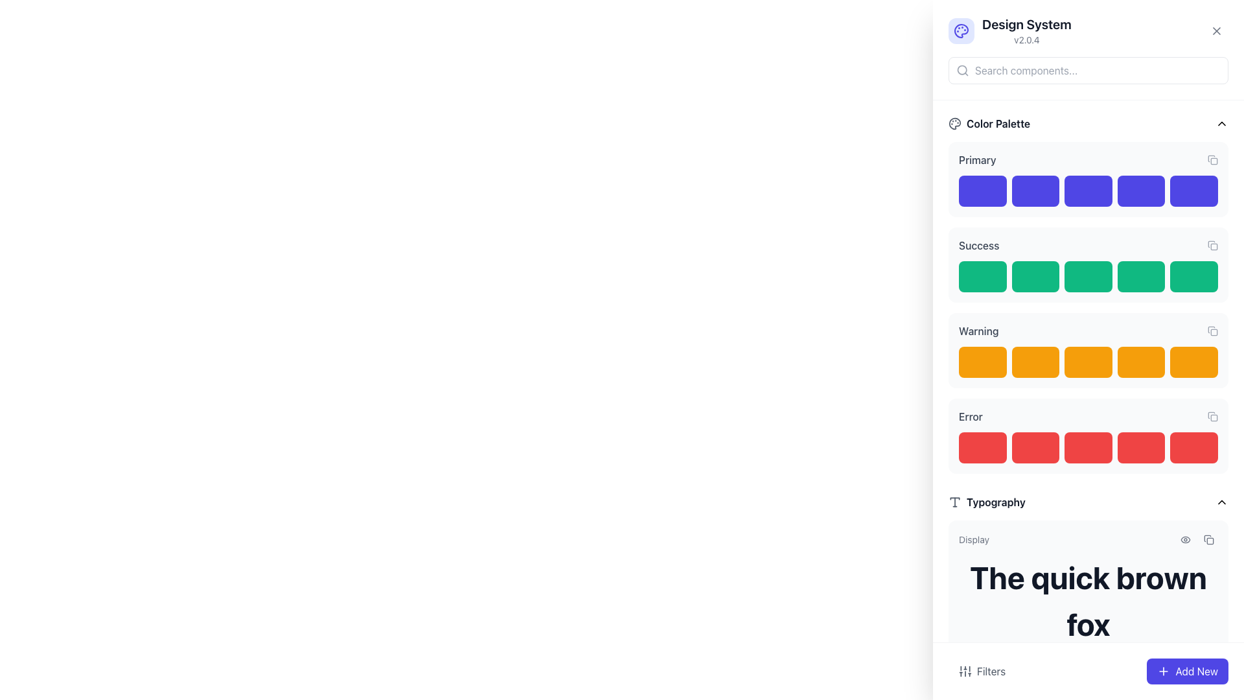 The width and height of the screenshot is (1244, 700). Describe the element at coordinates (1164, 671) in the screenshot. I see `the plus icon located in the bottom-right corner of the interface` at that location.